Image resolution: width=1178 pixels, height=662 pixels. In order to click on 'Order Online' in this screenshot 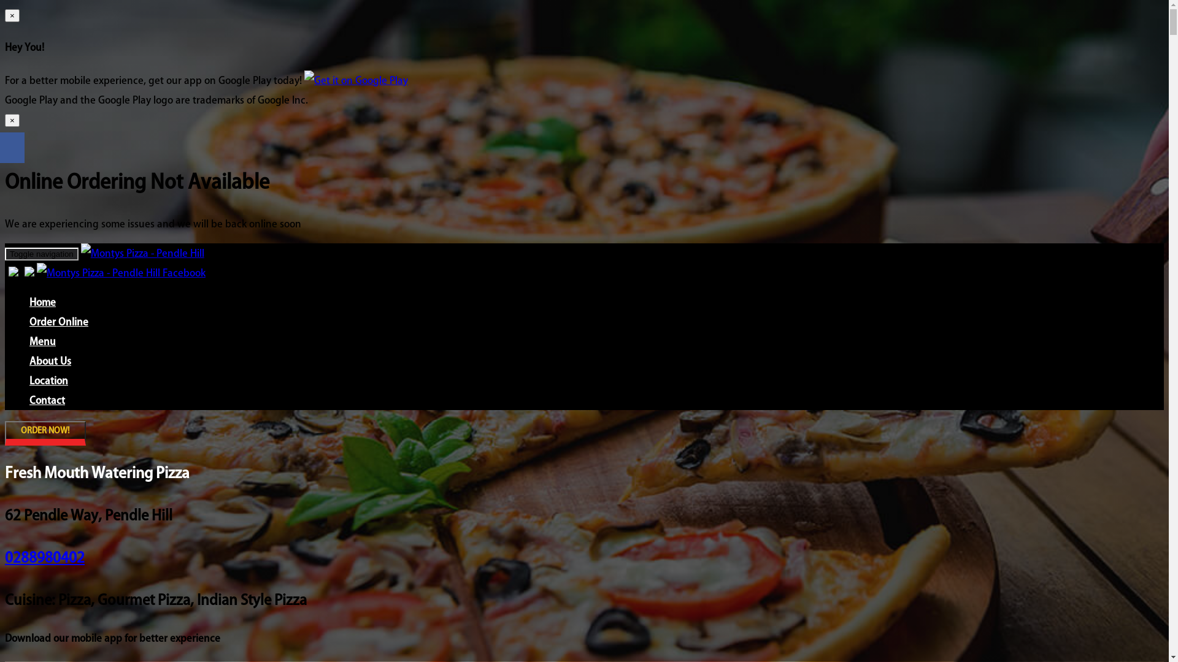, I will do `click(29, 321)`.